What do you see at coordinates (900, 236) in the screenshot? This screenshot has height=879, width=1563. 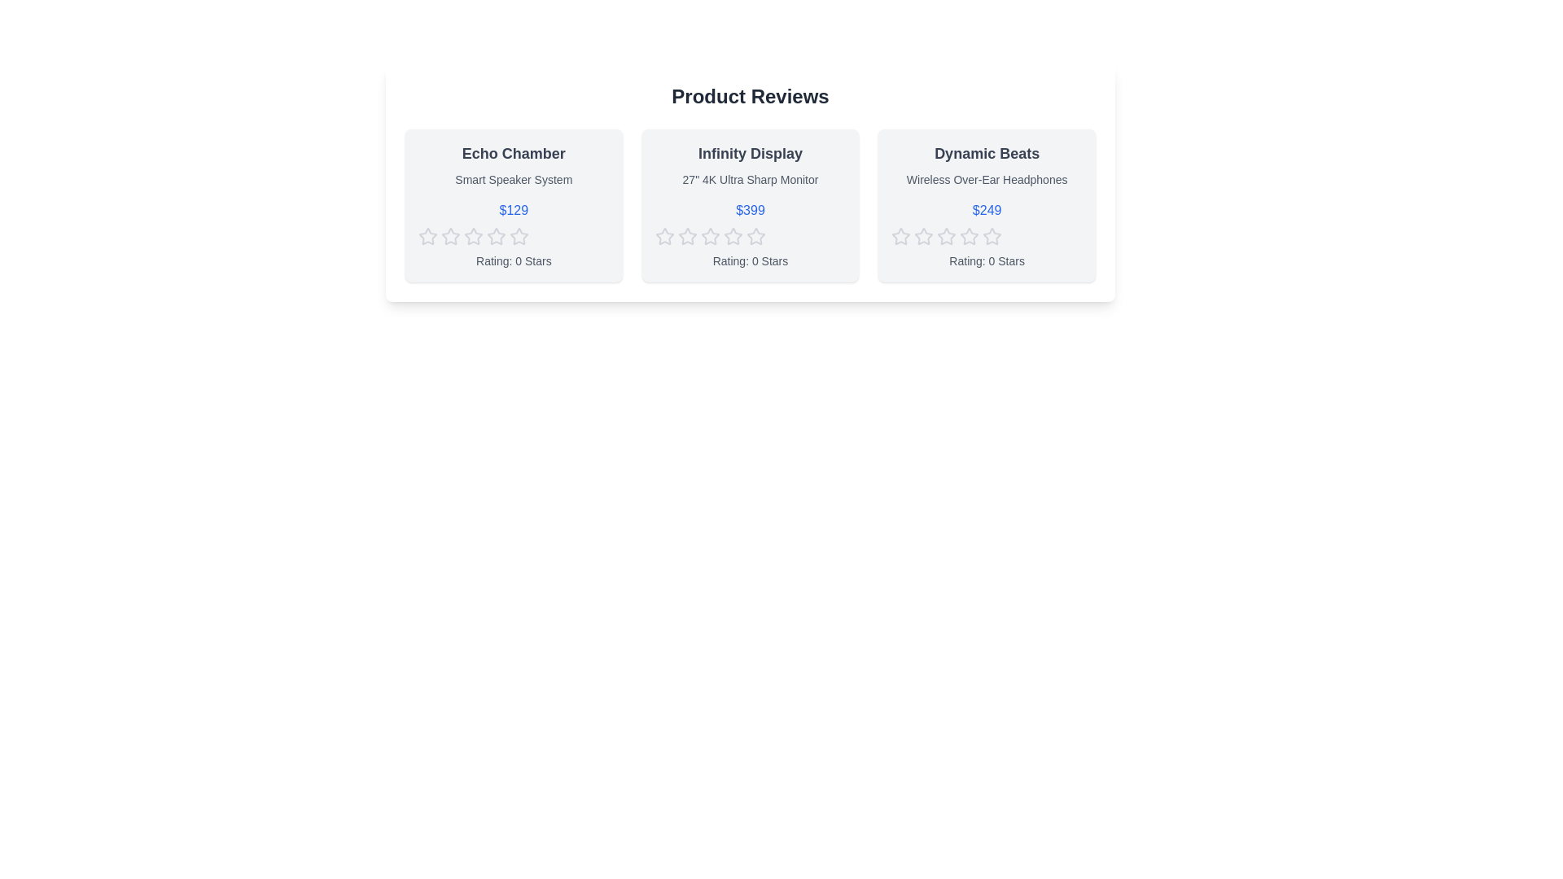 I see `the first star icon in the rating system under the 'Dynamic Beats' section to initiate tooltip or visual feedback` at bounding box center [900, 236].